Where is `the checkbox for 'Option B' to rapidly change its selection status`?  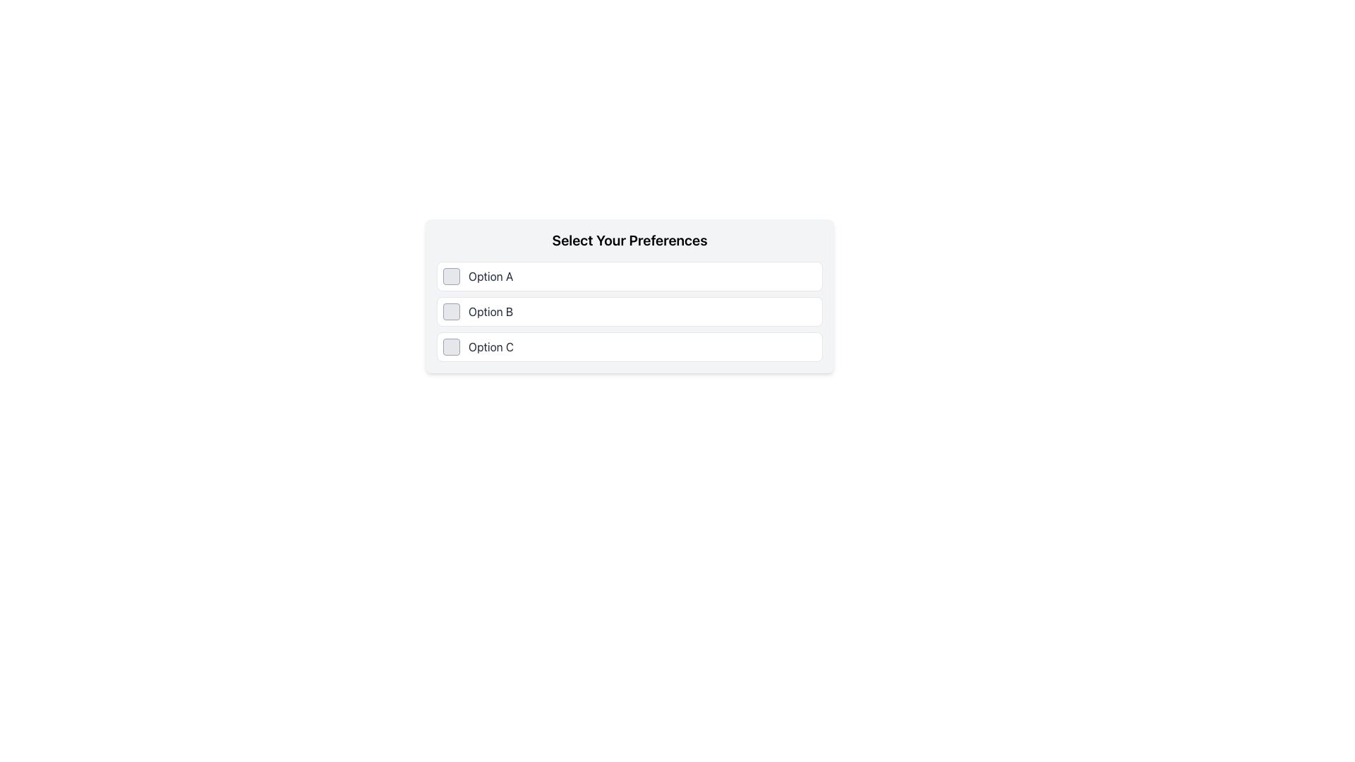 the checkbox for 'Option B' to rapidly change its selection status is located at coordinates (450, 311).